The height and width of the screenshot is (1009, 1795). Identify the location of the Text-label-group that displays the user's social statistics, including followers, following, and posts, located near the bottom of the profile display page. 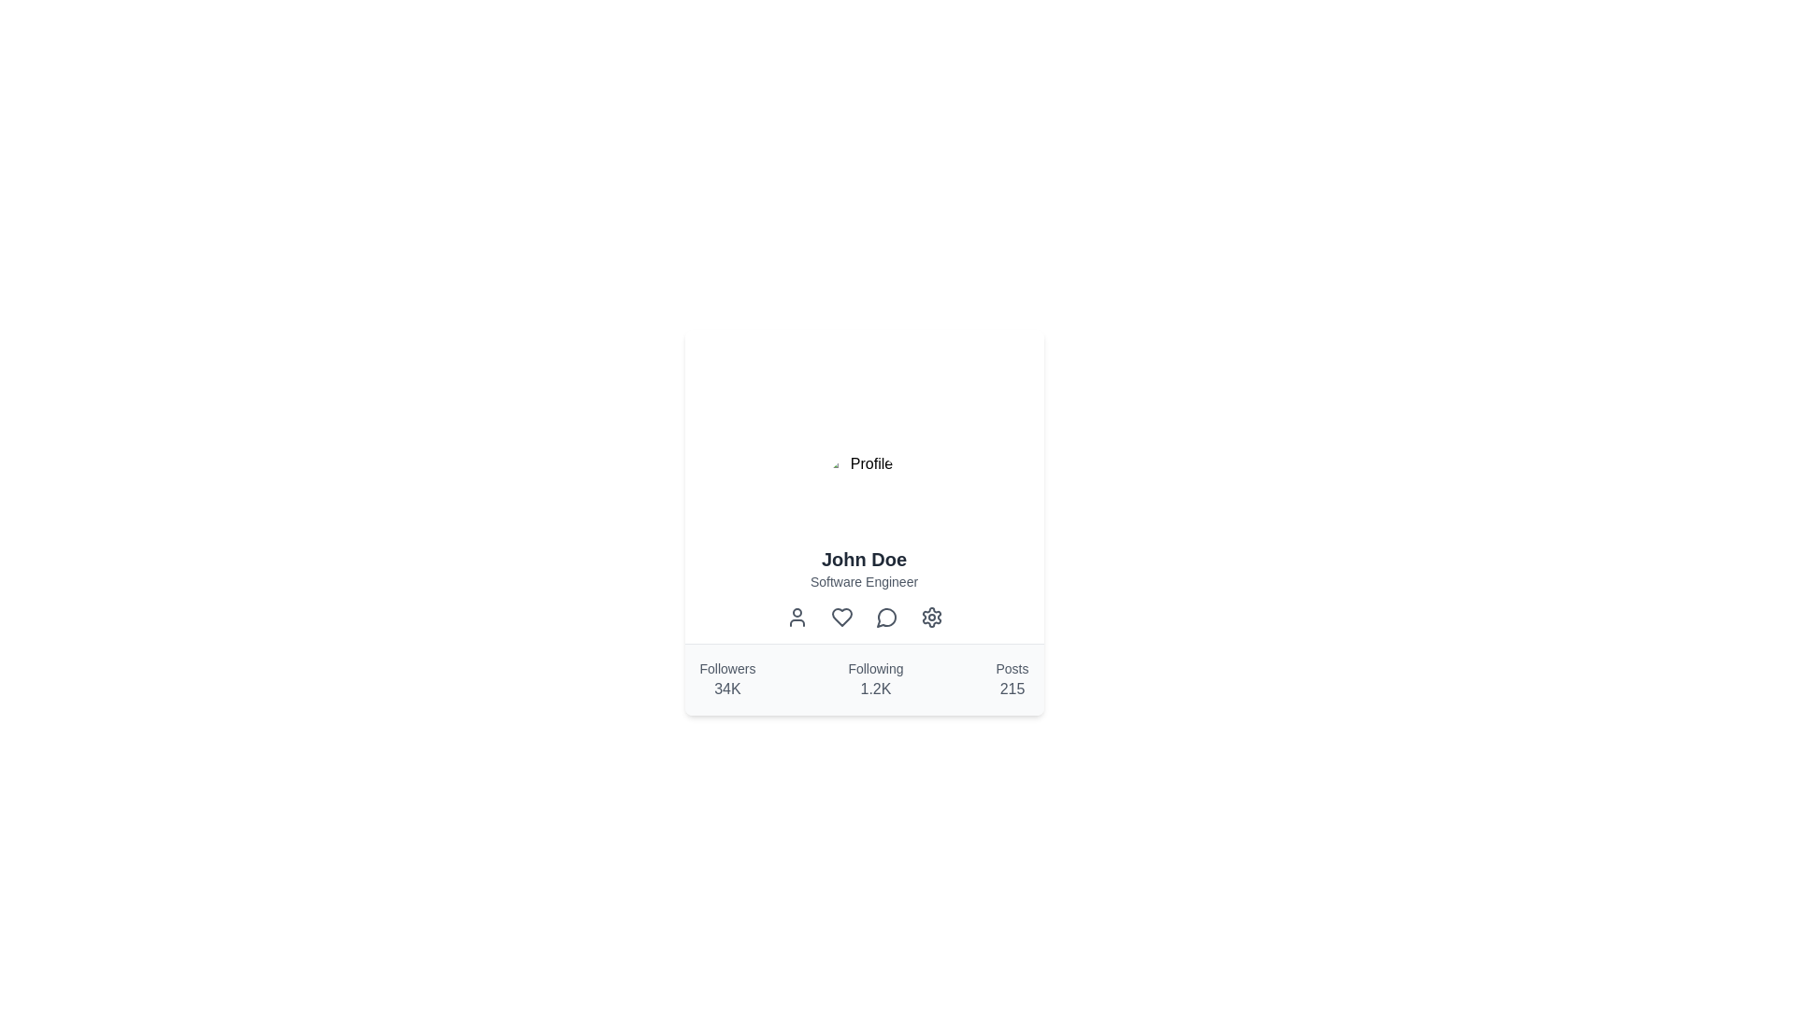
(863, 680).